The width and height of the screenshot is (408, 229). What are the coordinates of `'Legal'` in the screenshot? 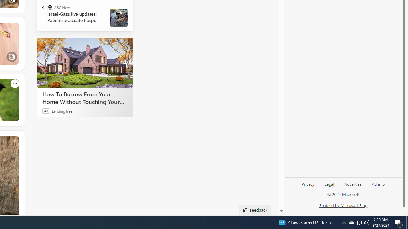 It's located at (329, 186).